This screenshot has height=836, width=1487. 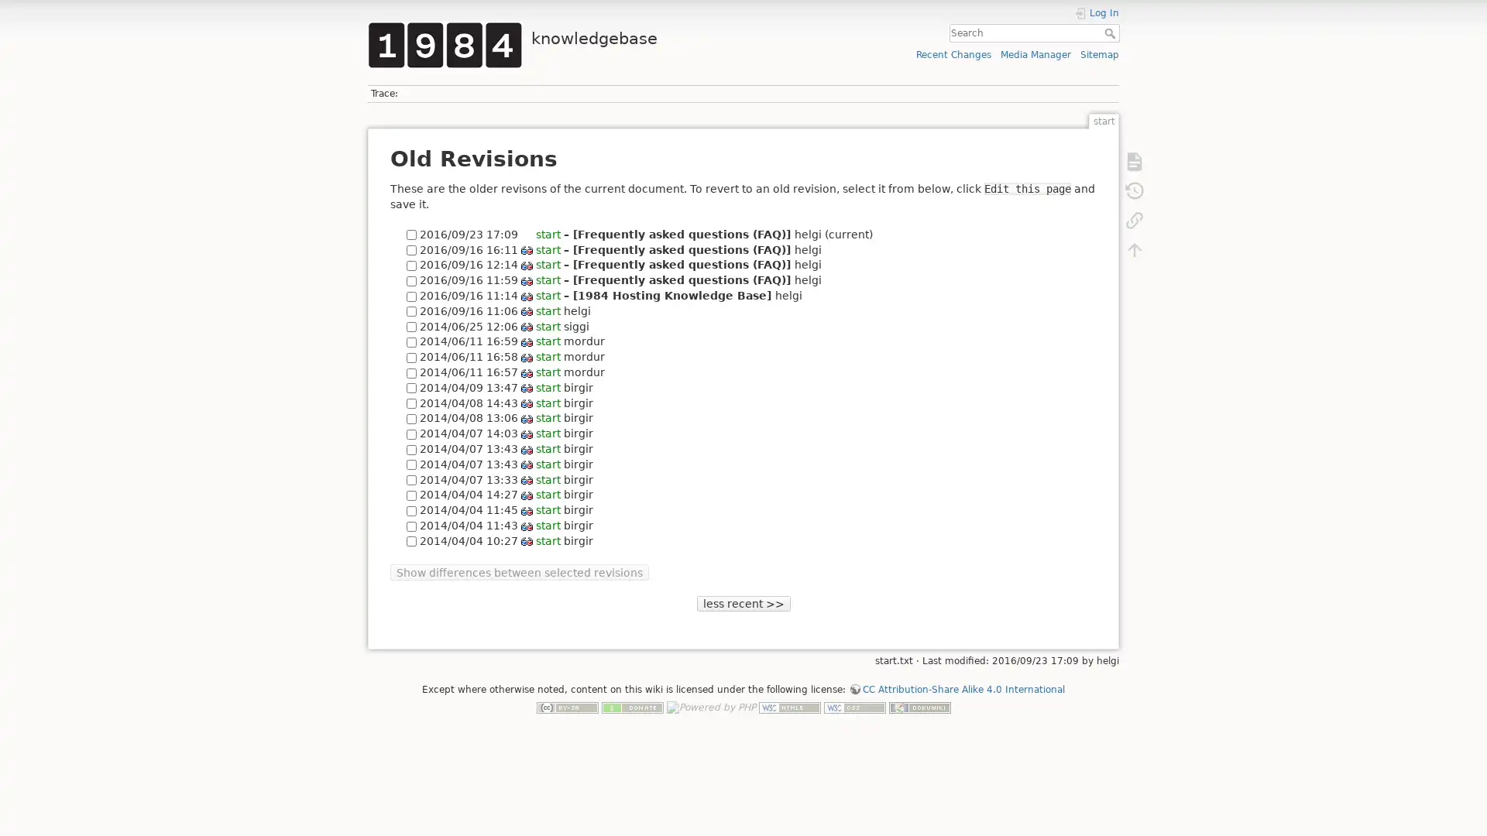 What do you see at coordinates (520, 572) in the screenshot?
I see `Show differences between selected revisions` at bounding box center [520, 572].